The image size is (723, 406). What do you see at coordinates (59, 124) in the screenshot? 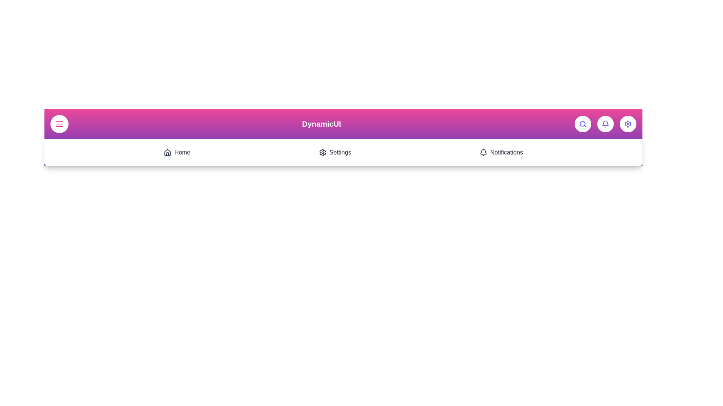
I see `the menu toggle button to toggle the menu open or closed` at bounding box center [59, 124].